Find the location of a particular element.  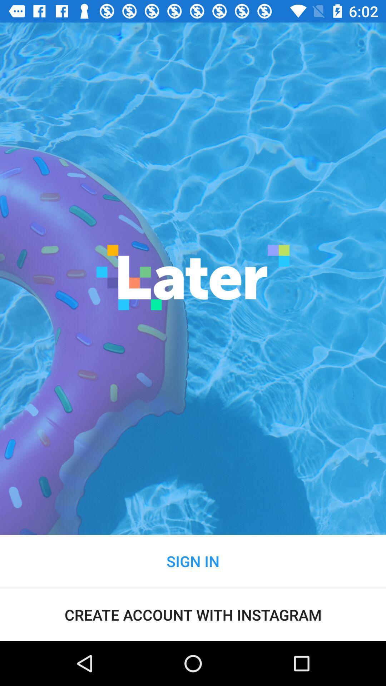

the sign in is located at coordinates (193, 561).